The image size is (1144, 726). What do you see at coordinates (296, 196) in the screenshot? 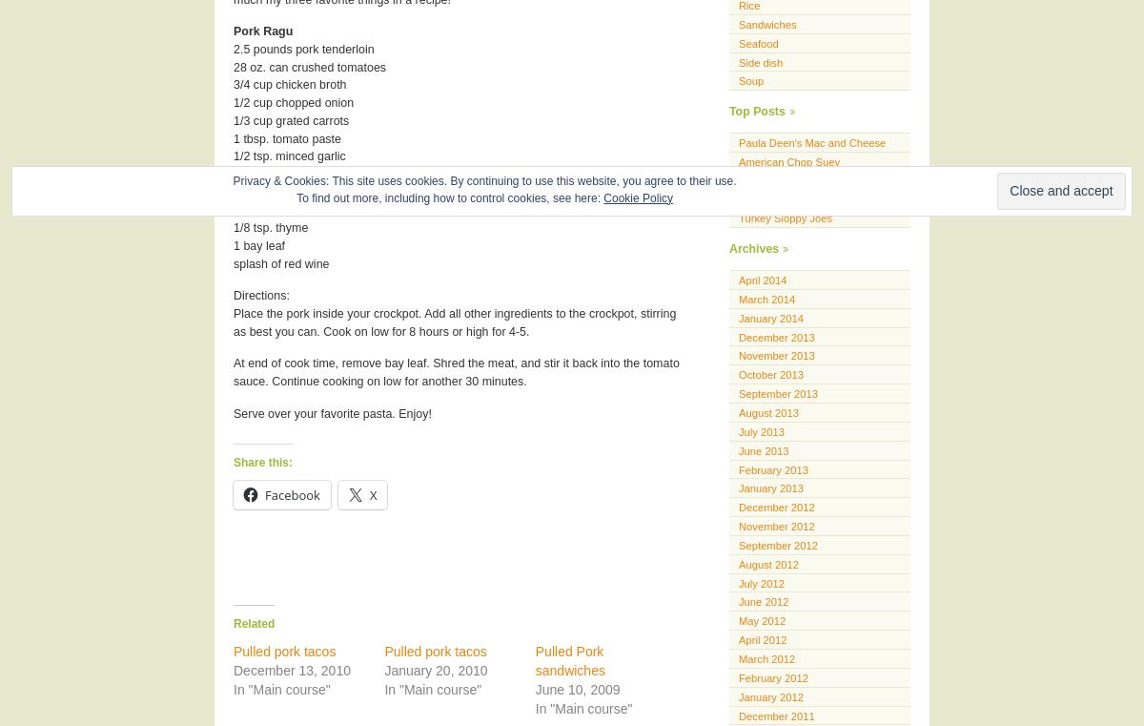
I see `'To find out more, including how to control cookies, see here:'` at bounding box center [296, 196].